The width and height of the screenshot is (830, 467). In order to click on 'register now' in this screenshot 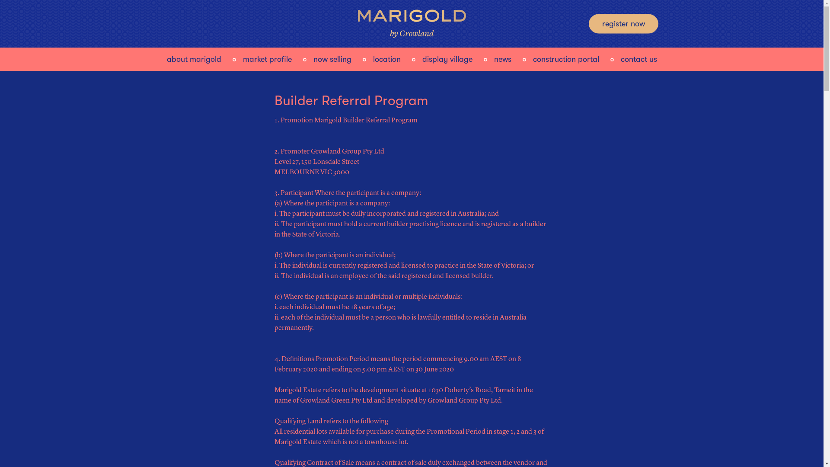, I will do `click(623, 23)`.